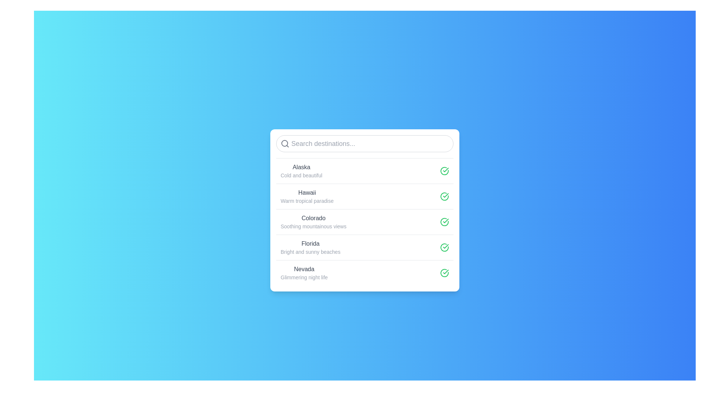  I want to click on the icon indicating that Florida has been marked or selected, which is located to the right of the text 'Florida' in the fourth list entry, so click(444, 273).